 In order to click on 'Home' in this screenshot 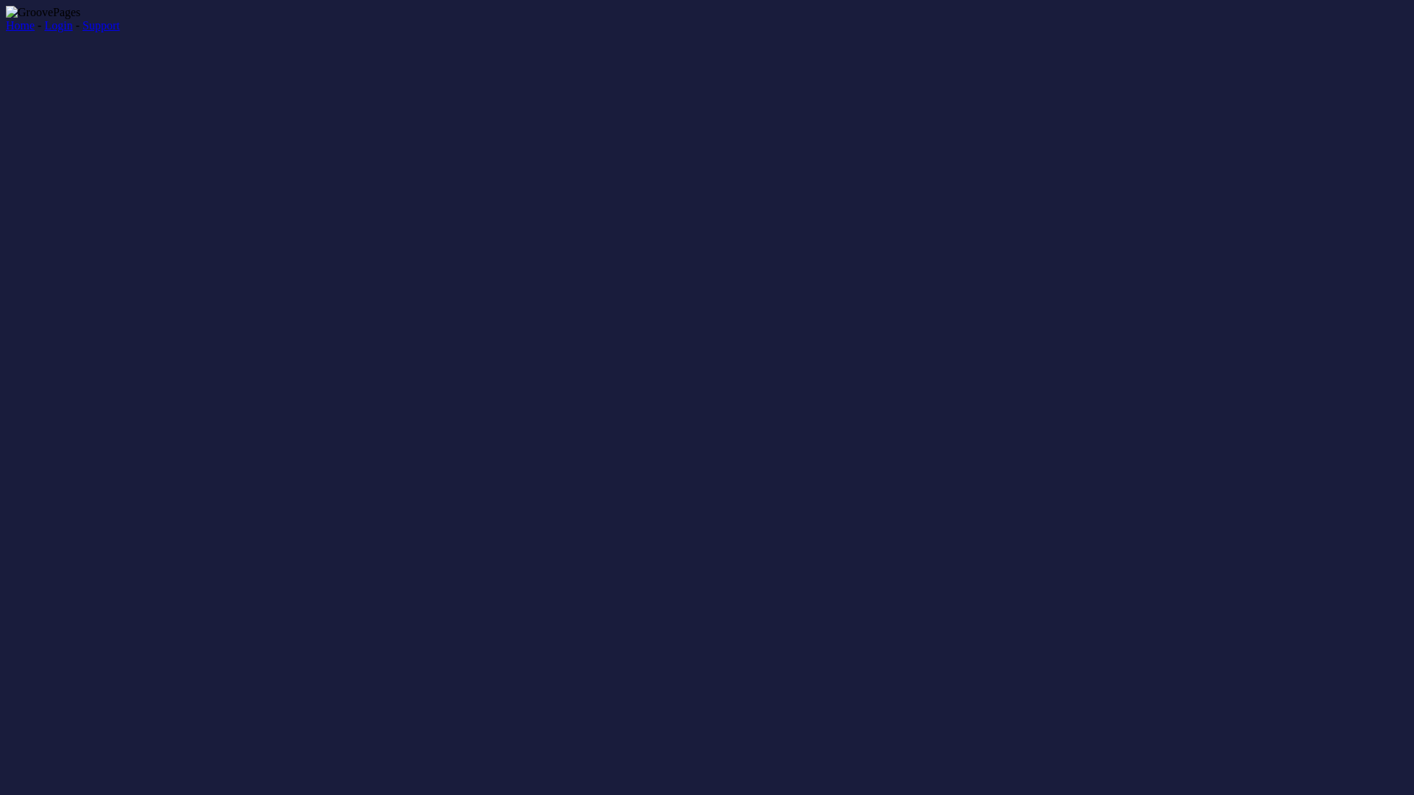, I will do `click(20, 25)`.